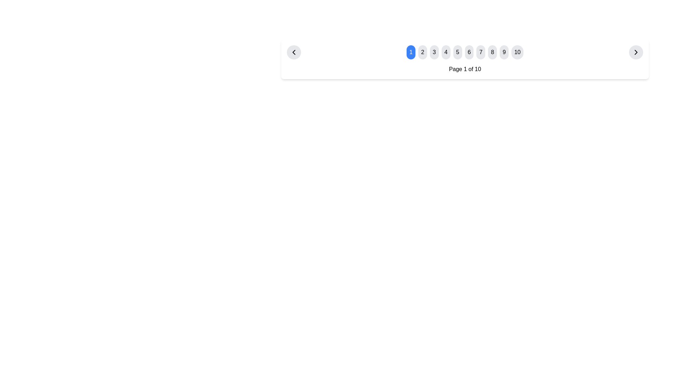 The width and height of the screenshot is (680, 382). I want to click on the circular button with a gray background and black text displaying the number '8', so click(492, 52).